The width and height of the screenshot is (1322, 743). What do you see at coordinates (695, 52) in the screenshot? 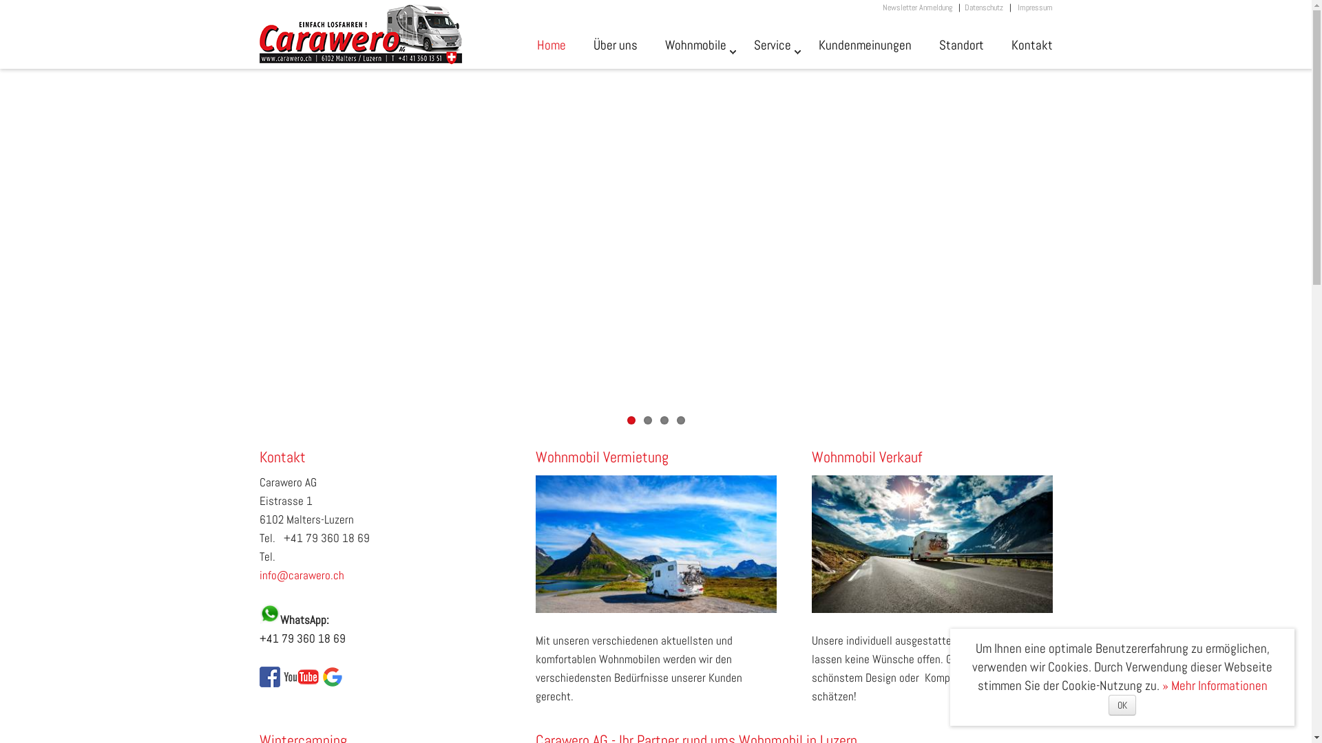
I see `'Wohnmobile'` at bounding box center [695, 52].